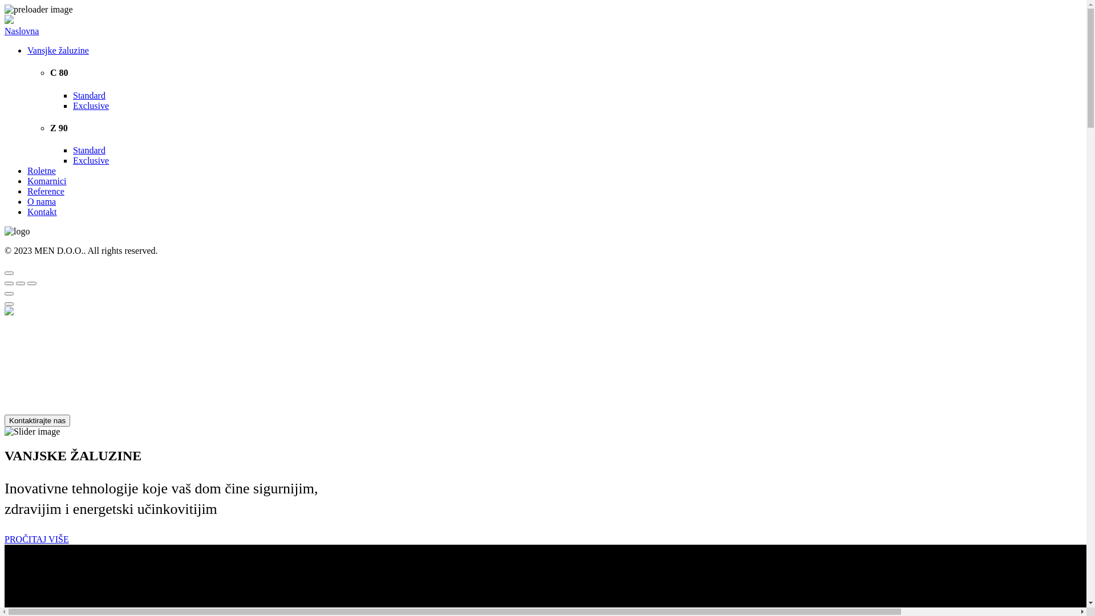  Describe the element at coordinates (88, 149) in the screenshot. I see `'Standard'` at that location.